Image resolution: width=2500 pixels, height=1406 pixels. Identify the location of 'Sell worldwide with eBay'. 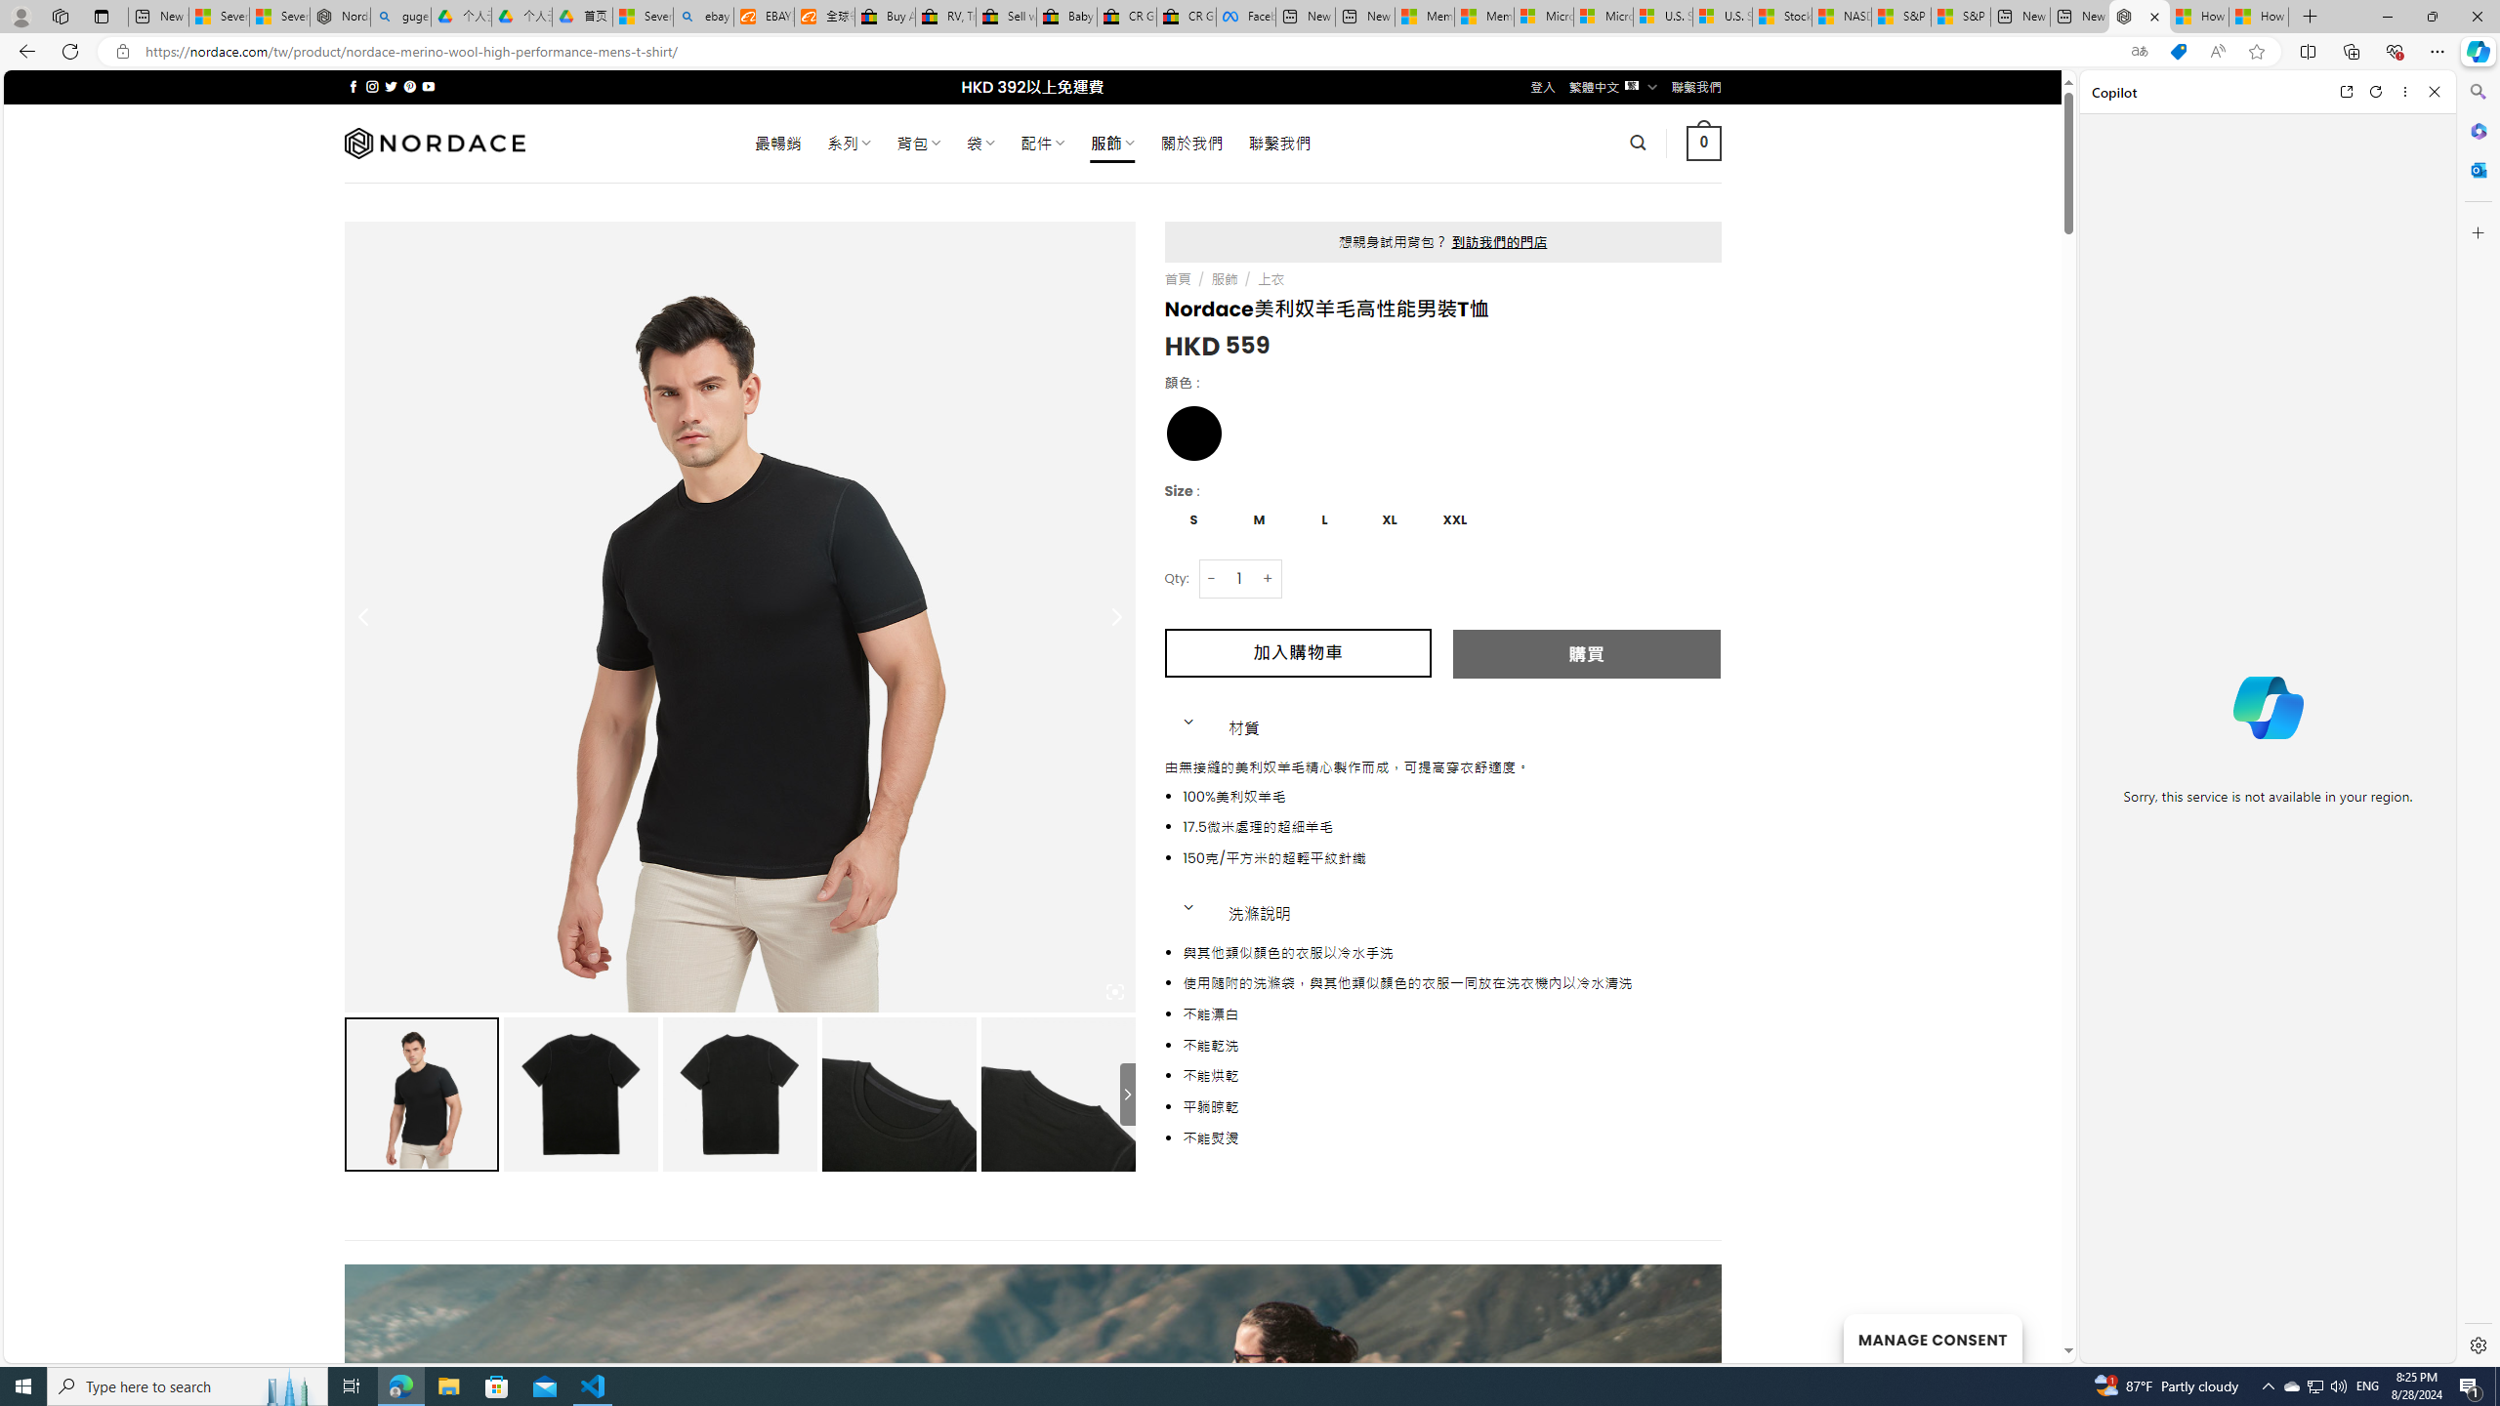
(1006, 16).